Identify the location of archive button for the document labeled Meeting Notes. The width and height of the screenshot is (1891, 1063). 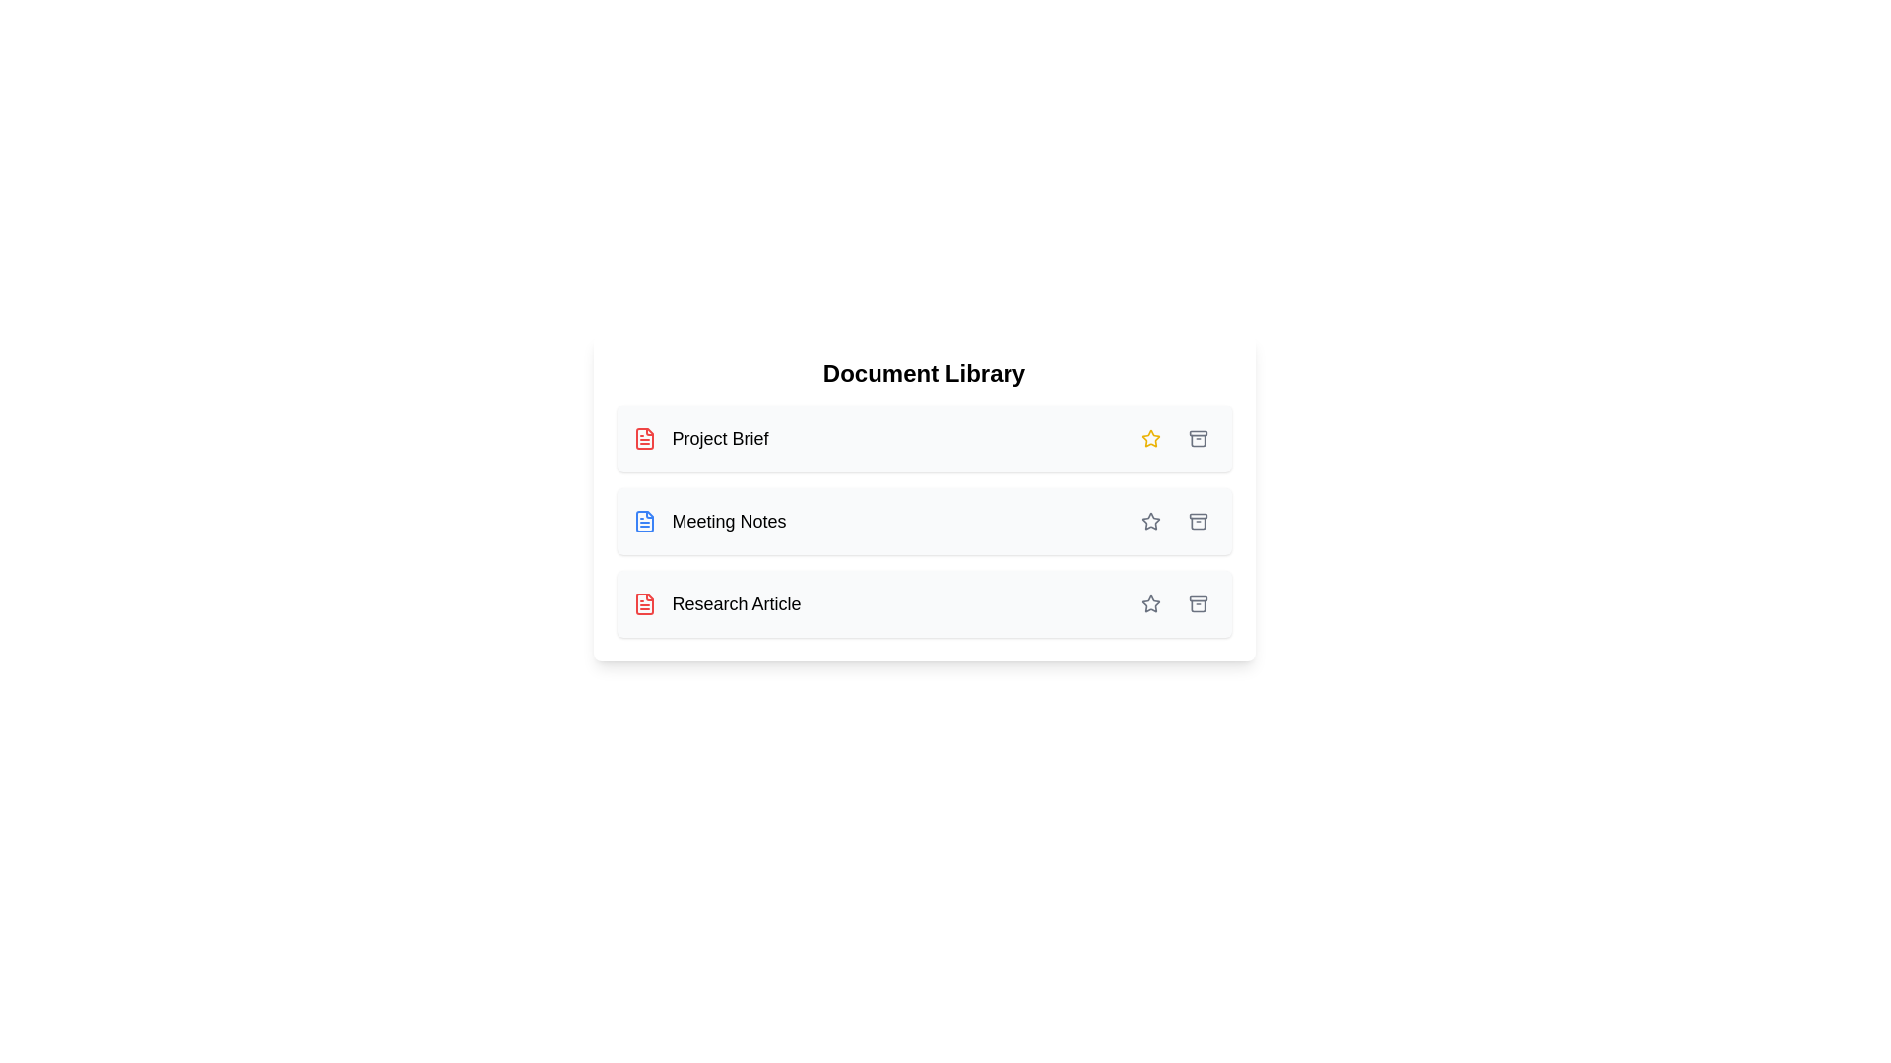
(1197, 520).